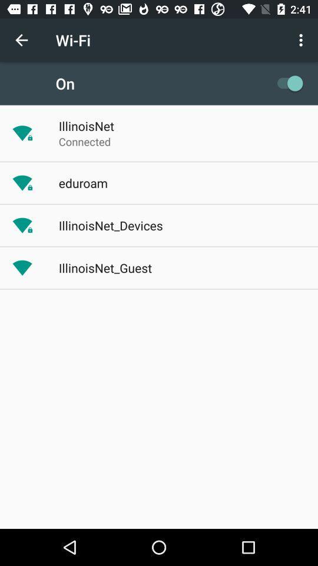 The width and height of the screenshot is (318, 566). What do you see at coordinates (84, 141) in the screenshot?
I see `the item above eduroam` at bounding box center [84, 141].